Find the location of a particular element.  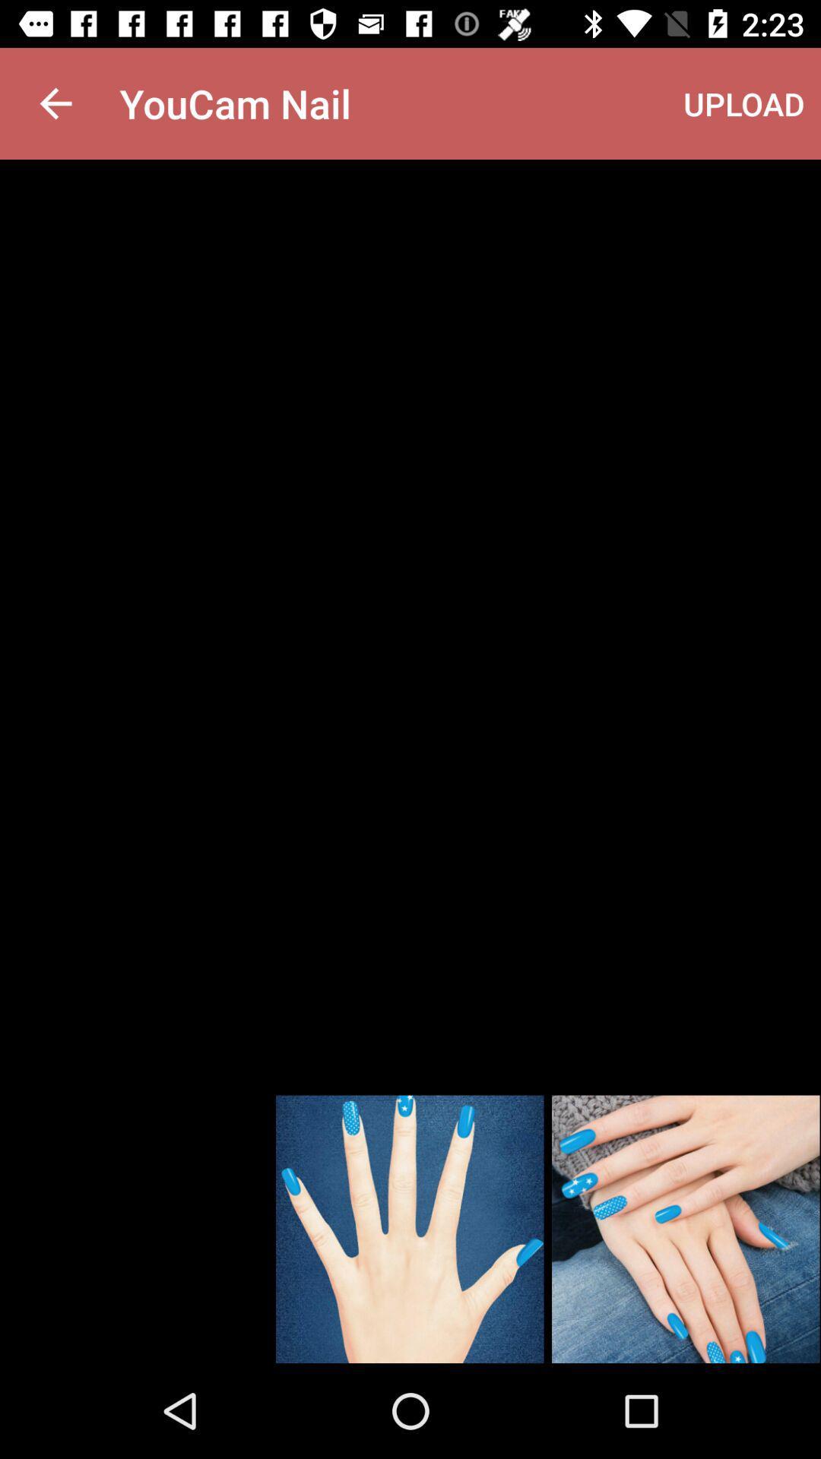

upload at the top right corner is located at coordinates (743, 103).